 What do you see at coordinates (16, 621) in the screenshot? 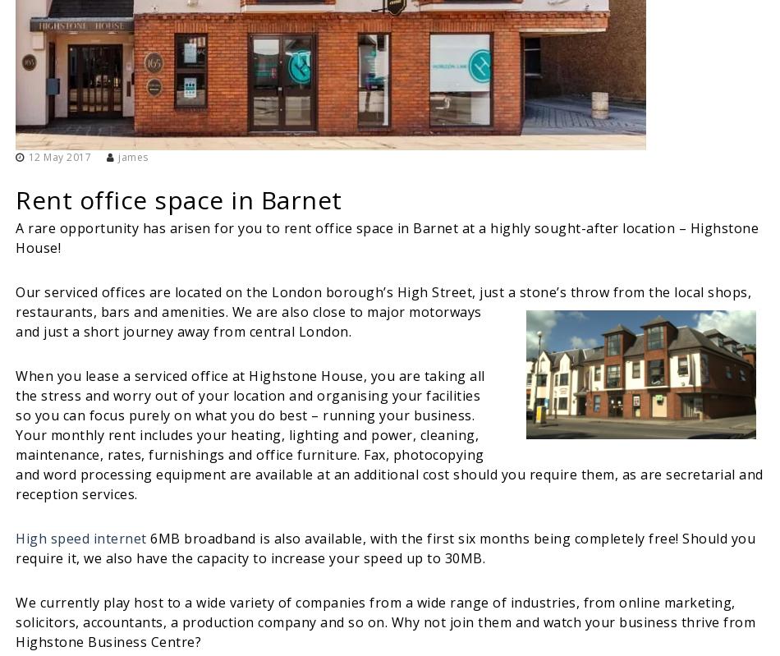
I see `'We currently play host to a wide variety of companies from a wide range of industries, from online marketing, solicitors, accountants, a production company and so on. Why not join them and watch your business thrive from Highstone Business Centre?'` at bounding box center [16, 621].